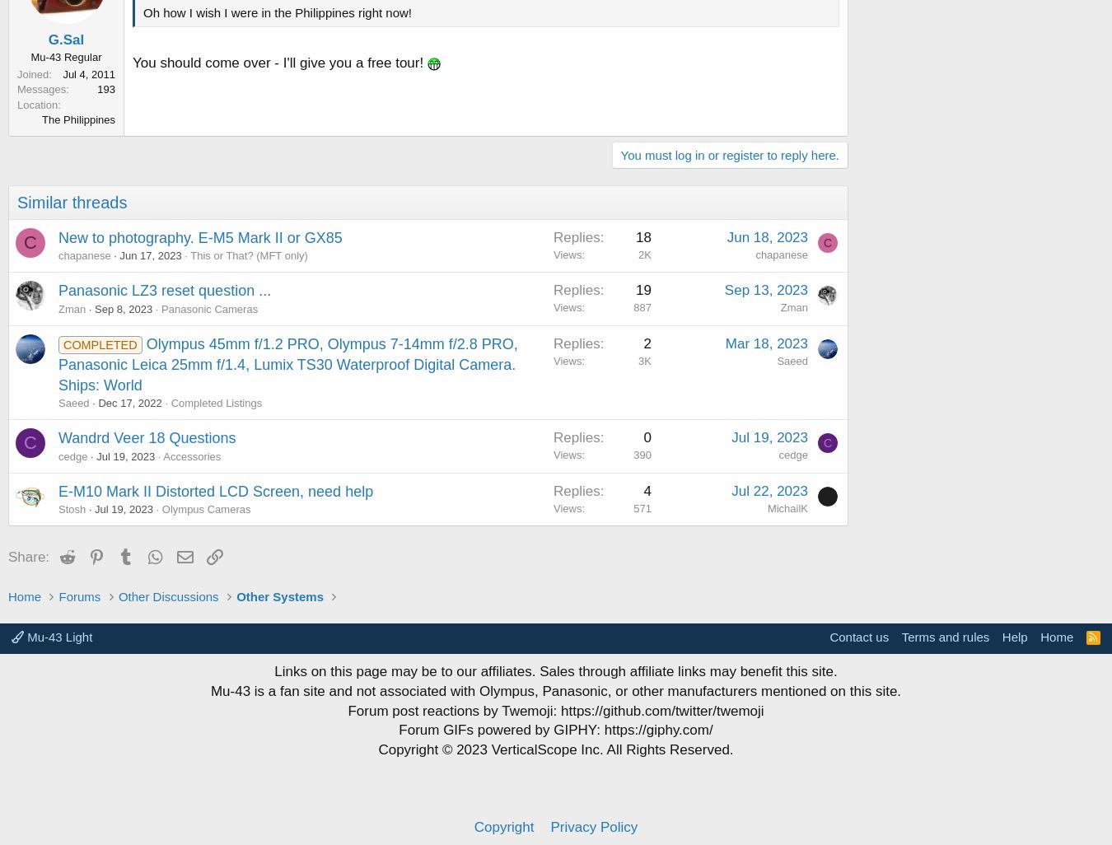 This screenshot has height=845, width=1112. I want to click on 'Olympus Cameras', so click(205, 509).